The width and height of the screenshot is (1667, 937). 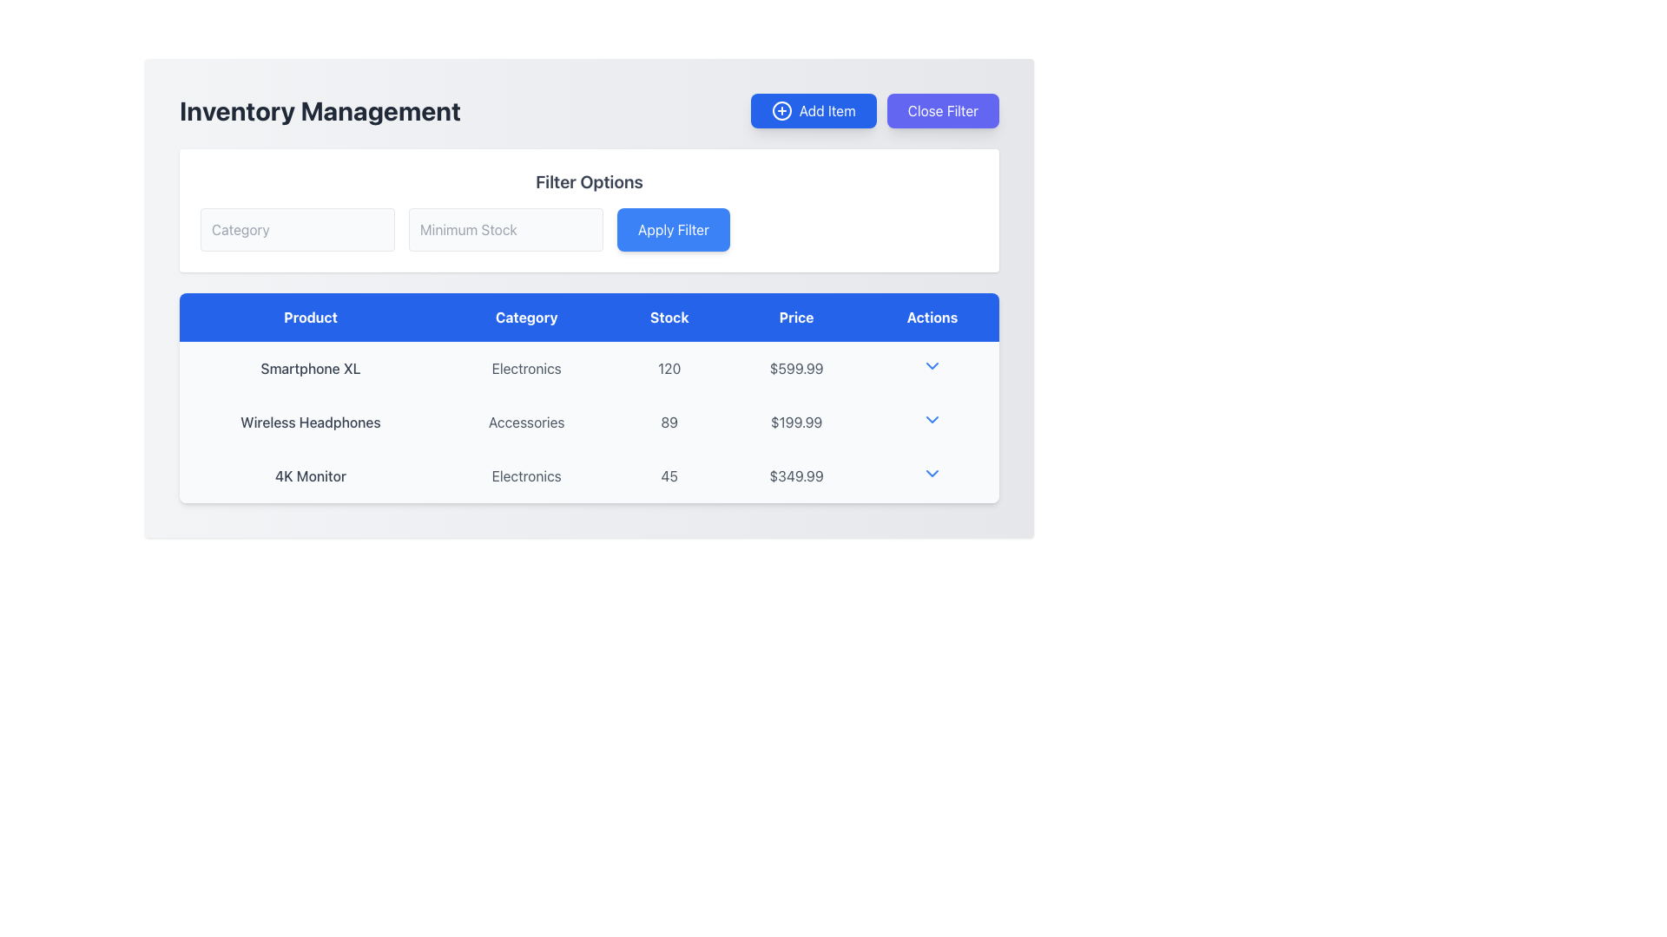 I want to click on stock quantity text for the product 'Smartphone XL', which is located in the third column labeled 'Stock' within the 'Inventory Management' section, so click(x=669, y=367).